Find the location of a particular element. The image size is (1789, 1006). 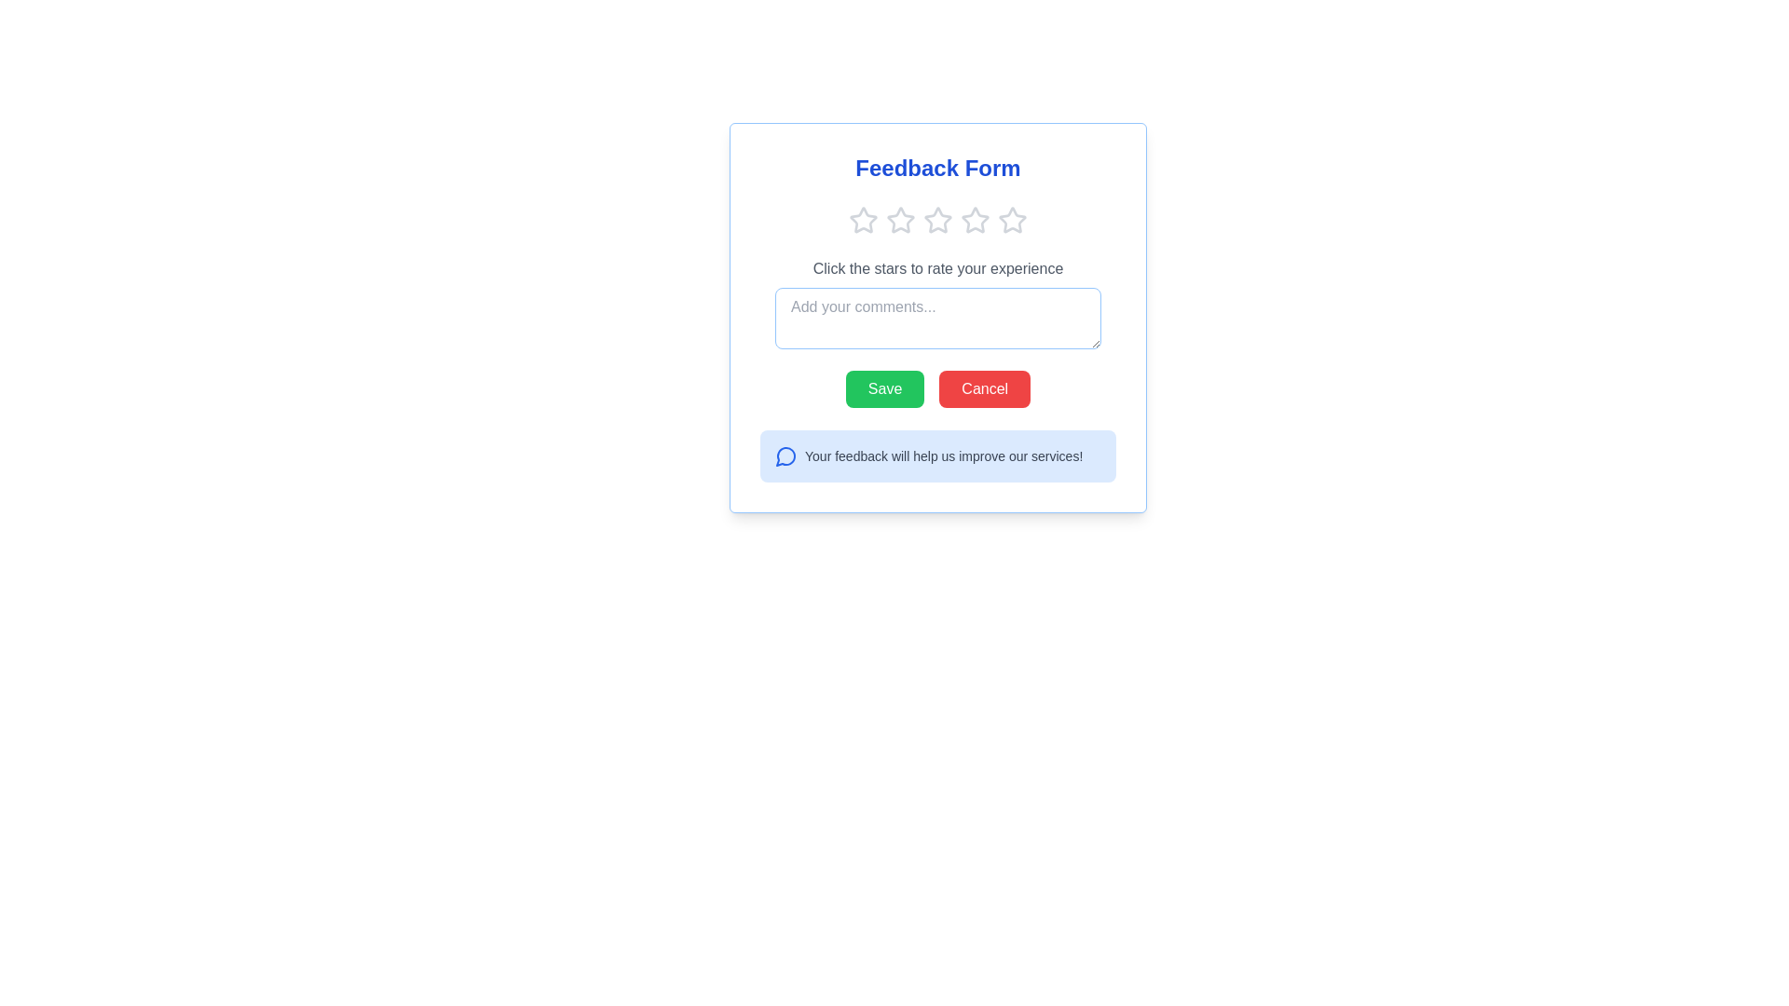

the green 'Save' button located at the bottom center of the feedback form to change its background color is located at coordinates (884, 387).